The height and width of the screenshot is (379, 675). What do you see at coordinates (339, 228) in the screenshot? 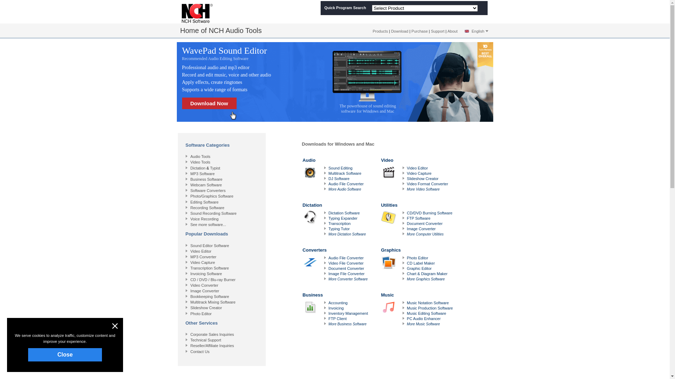
I see `'Typing Tutor'` at bounding box center [339, 228].